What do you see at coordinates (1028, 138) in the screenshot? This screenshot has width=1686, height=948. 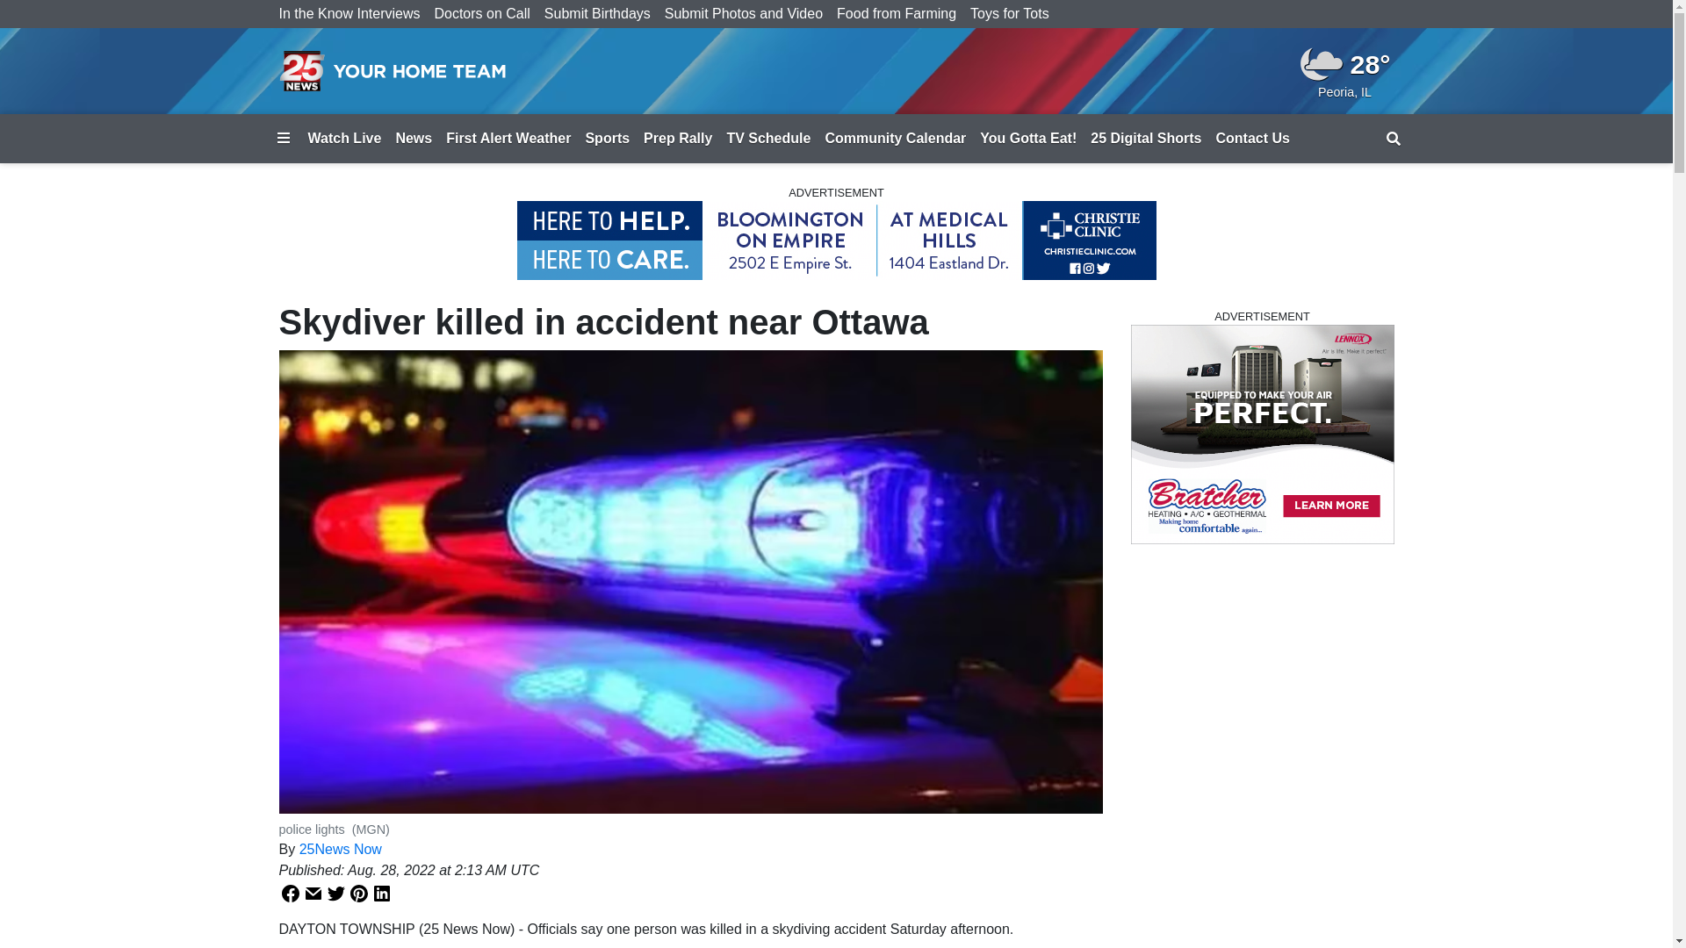 I see `'You Gotta Eat!'` at bounding box center [1028, 138].